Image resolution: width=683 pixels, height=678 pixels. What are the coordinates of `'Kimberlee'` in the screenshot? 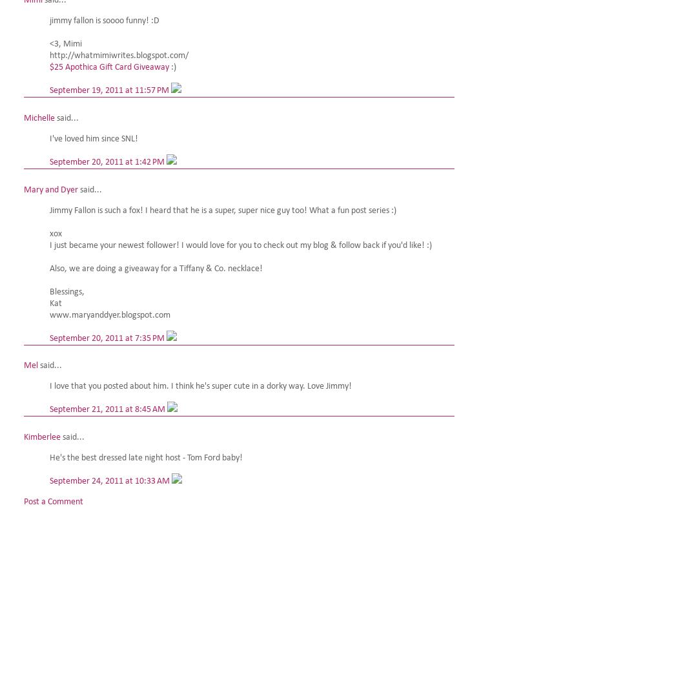 It's located at (42, 437).